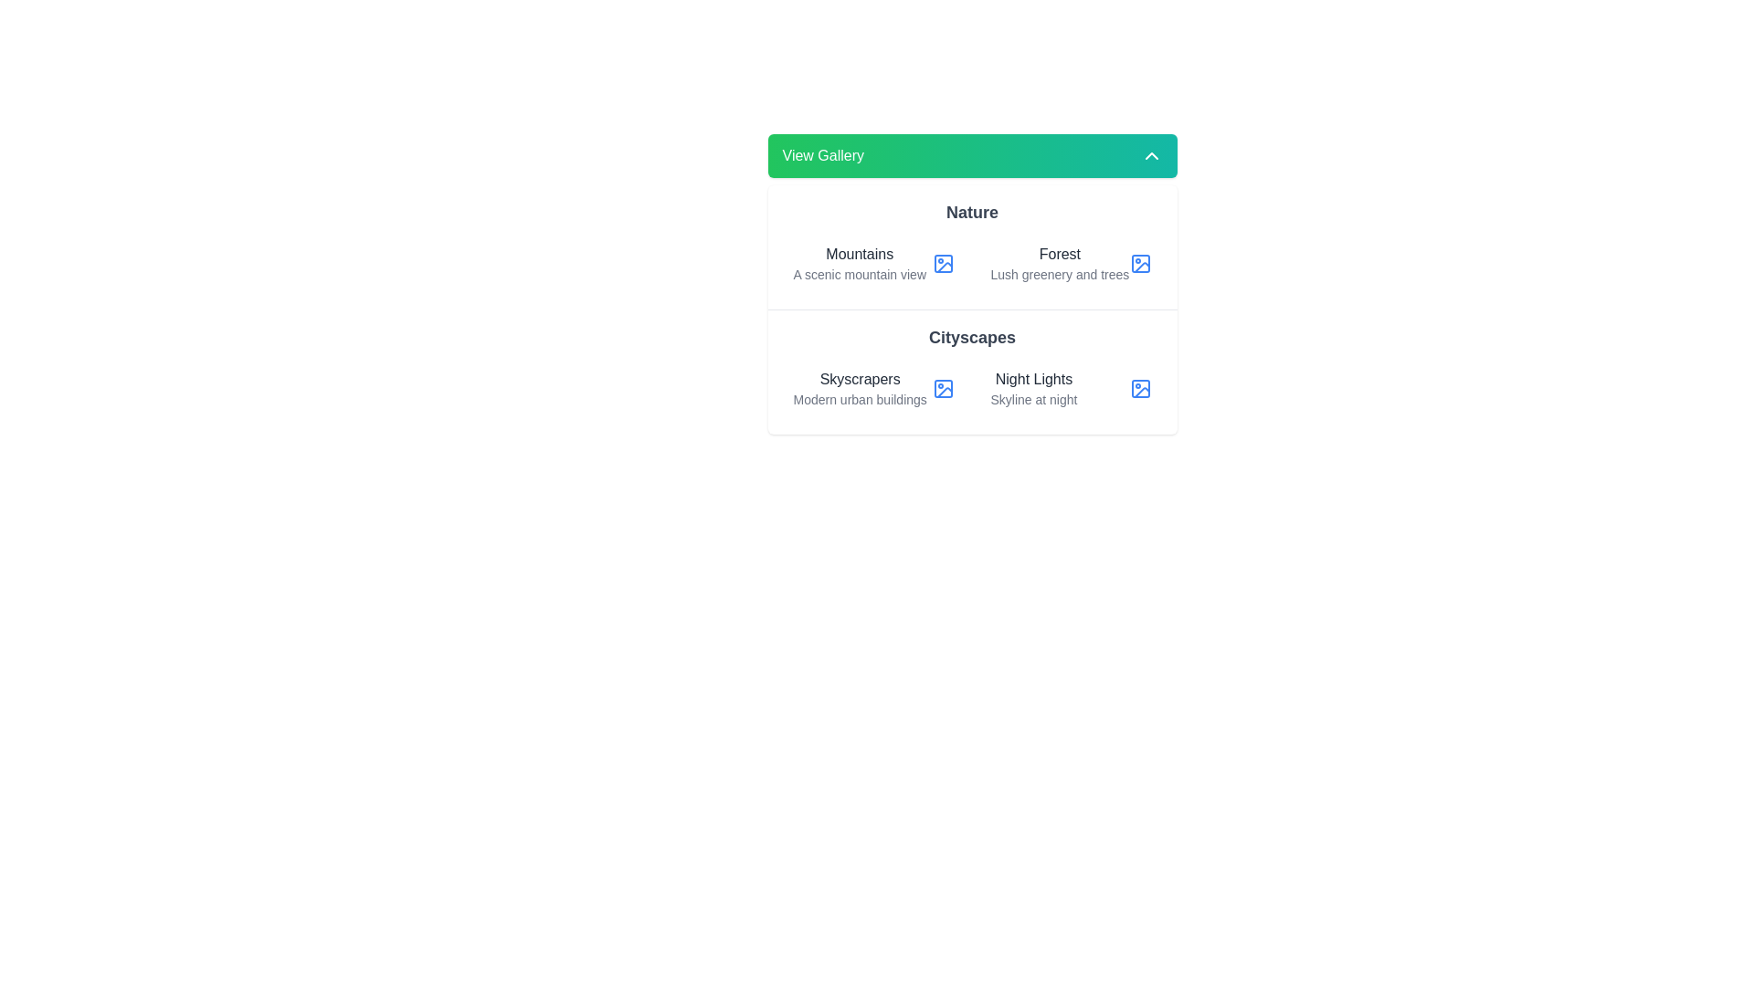 This screenshot has width=1754, height=986. Describe the element at coordinates (971, 338) in the screenshot. I see `the 'Cityscapes' text label, which serves as a non-interactive header providing context to related content in the interface` at that location.